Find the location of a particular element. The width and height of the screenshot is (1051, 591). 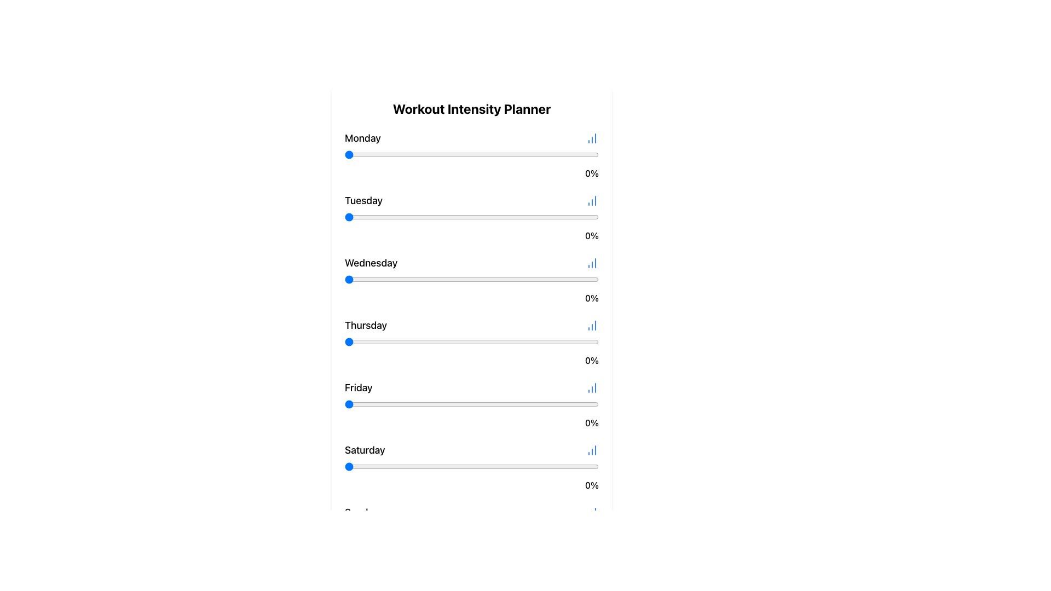

the icon located to the right of the text 'Thursday' is located at coordinates (591, 325).